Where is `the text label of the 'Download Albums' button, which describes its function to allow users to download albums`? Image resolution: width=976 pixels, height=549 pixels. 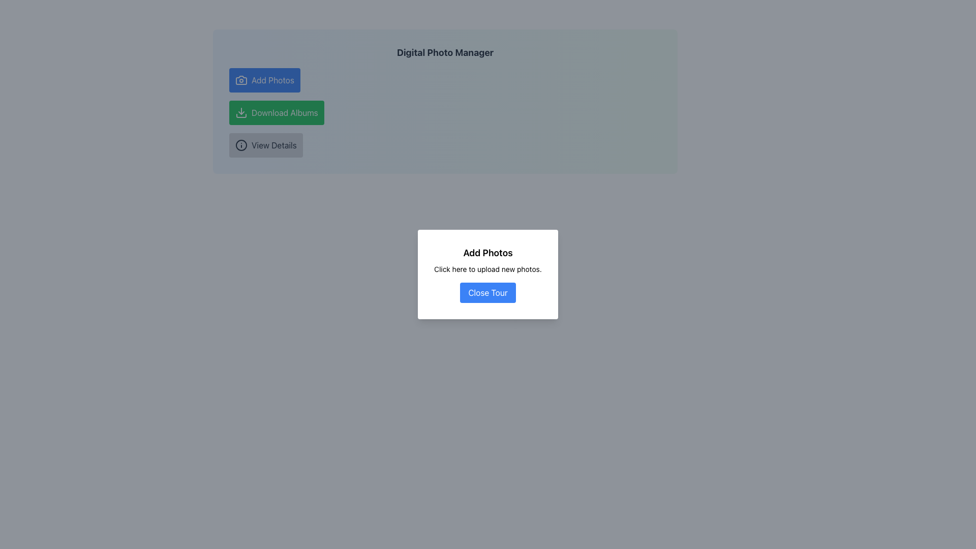 the text label of the 'Download Albums' button, which describes its function to allow users to download albums is located at coordinates (285, 113).